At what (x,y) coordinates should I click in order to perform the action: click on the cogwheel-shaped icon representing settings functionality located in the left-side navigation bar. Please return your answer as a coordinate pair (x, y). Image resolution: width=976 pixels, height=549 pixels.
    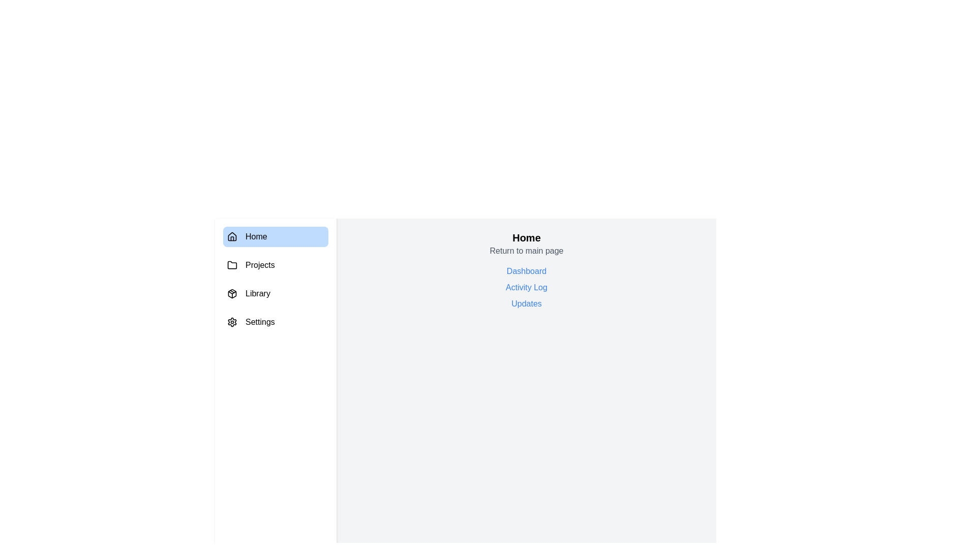
    Looking at the image, I should click on (231, 322).